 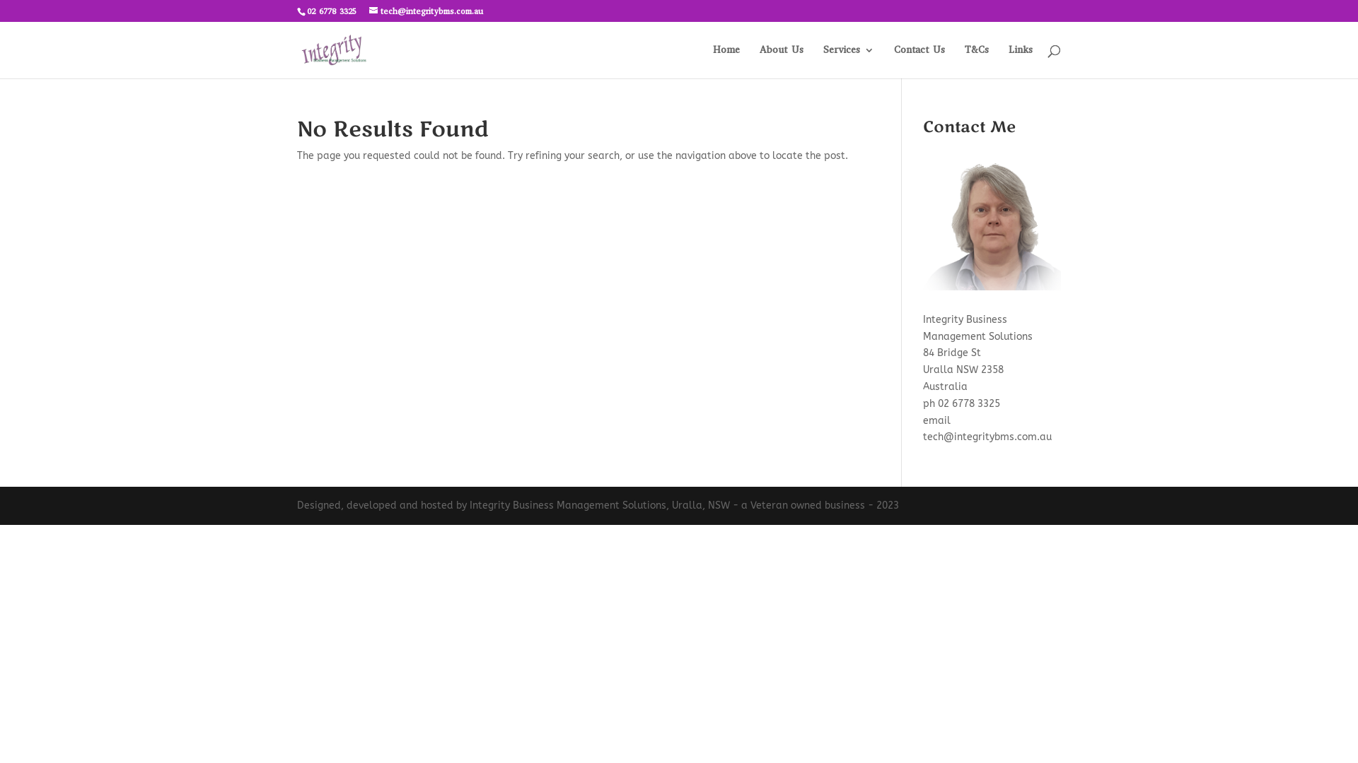 What do you see at coordinates (1007, 61) in the screenshot?
I see `'Links'` at bounding box center [1007, 61].